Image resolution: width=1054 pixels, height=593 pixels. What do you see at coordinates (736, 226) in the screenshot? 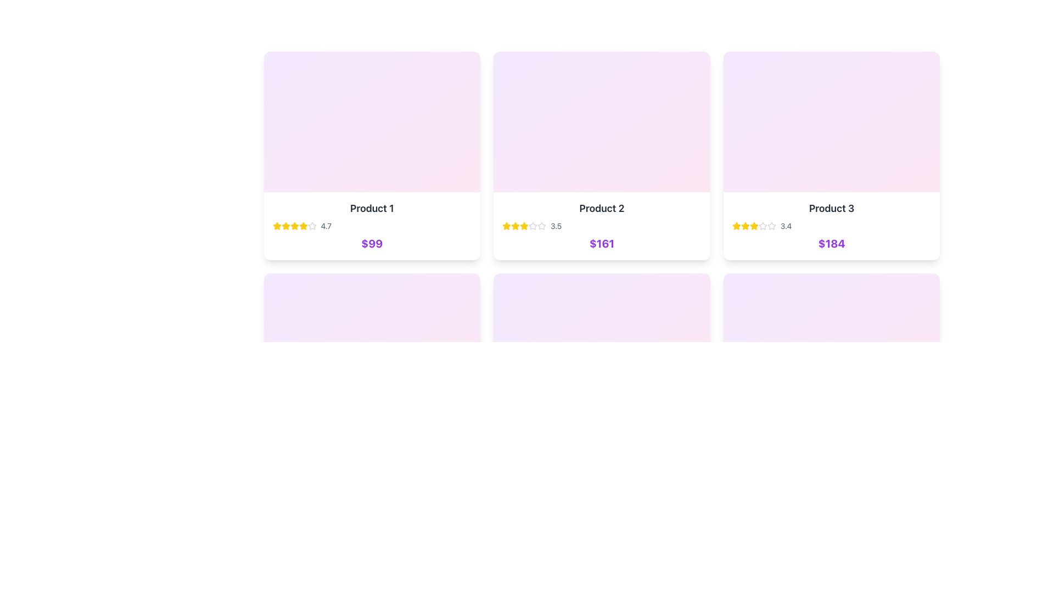
I see `the bright yellow filled star icon, which is the first star from the left in the rating section of the card labeled 'Product 3' in the third column` at bounding box center [736, 226].